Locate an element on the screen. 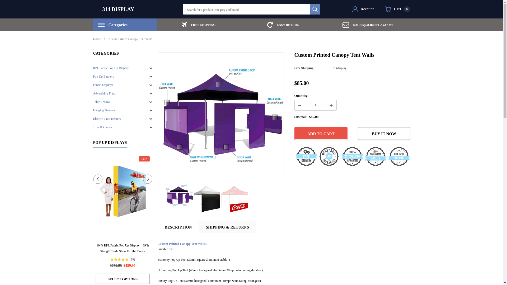 The height and width of the screenshot is (285, 507). 'Add to Cart' is located at coordinates (294, 133).